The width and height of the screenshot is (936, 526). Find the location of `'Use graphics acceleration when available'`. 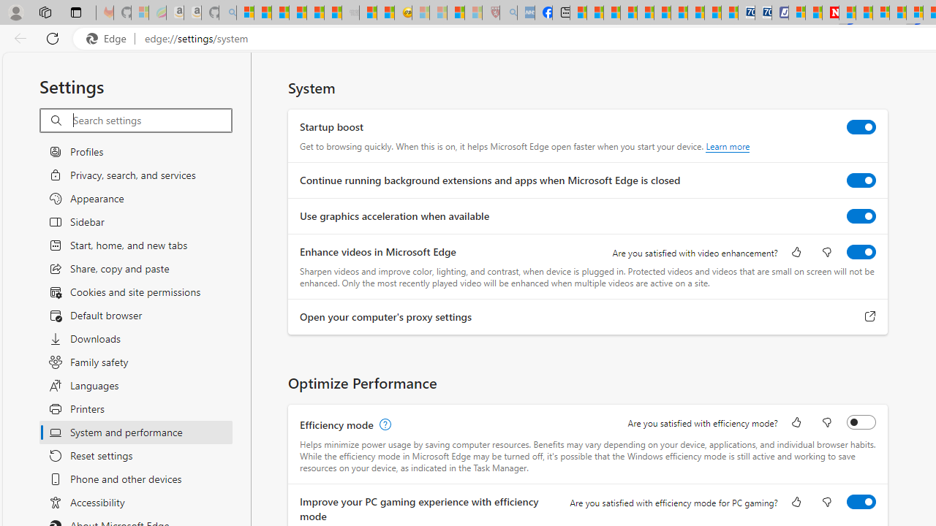

'Use graphics acceleration when available' is located at coordinates (861, 216).